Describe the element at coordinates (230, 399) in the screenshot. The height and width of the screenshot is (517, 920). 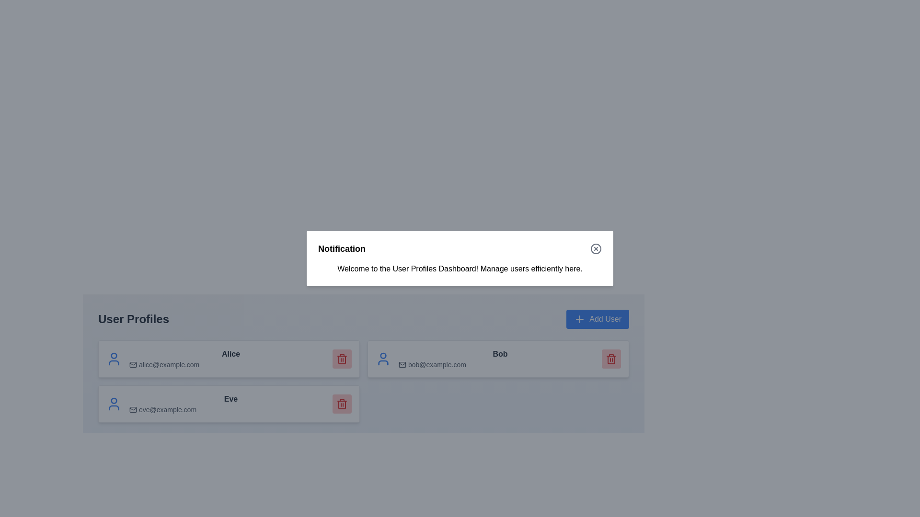
I see `the text label displaying the username 'Eve' located within the user card, which is positioned between the avatar icon and the email address` at that location.